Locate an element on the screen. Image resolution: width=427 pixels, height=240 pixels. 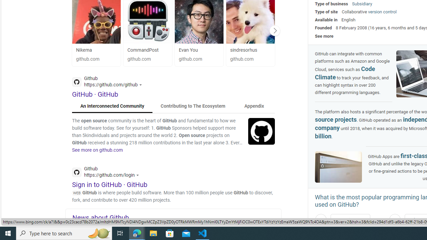
'Available in' is located at coordinates (326, 19).